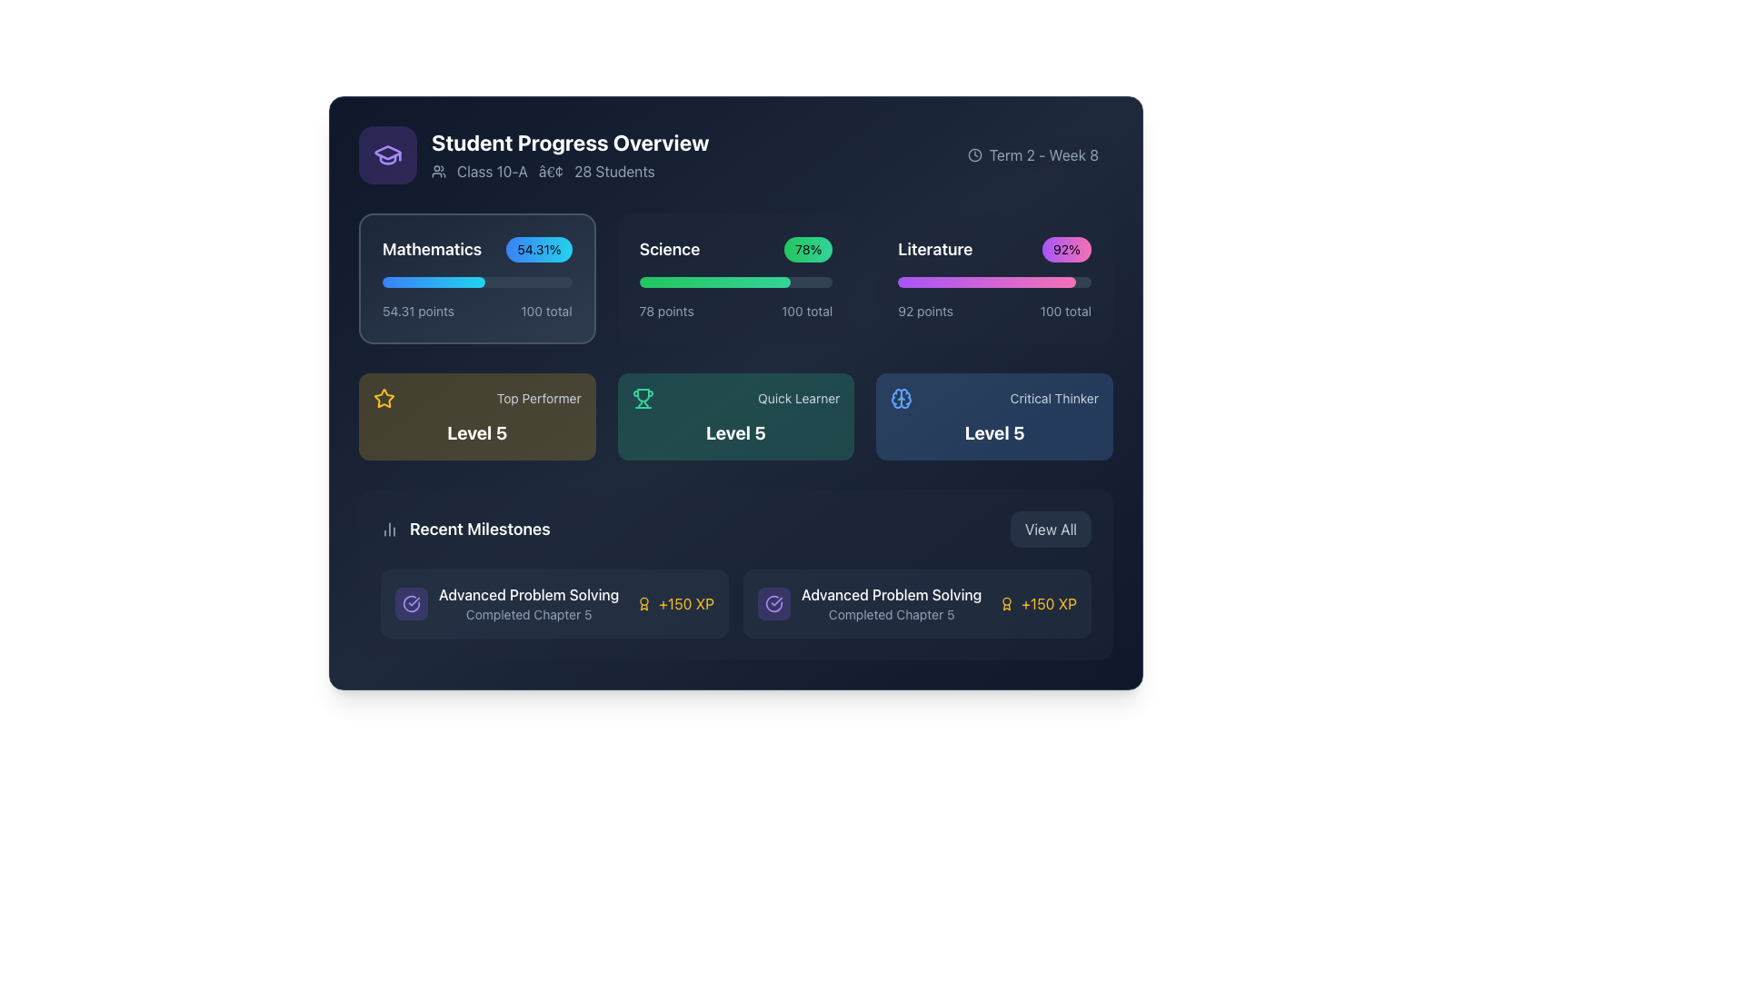 The image size is (1745, 981). What do you see at coordinates (917, 603) in the screenshot?
I see `the Informational card displaying 'Advanced Problem Solving' achievement in the 'Recent Milestones' section` at bounding box center [917, 603].